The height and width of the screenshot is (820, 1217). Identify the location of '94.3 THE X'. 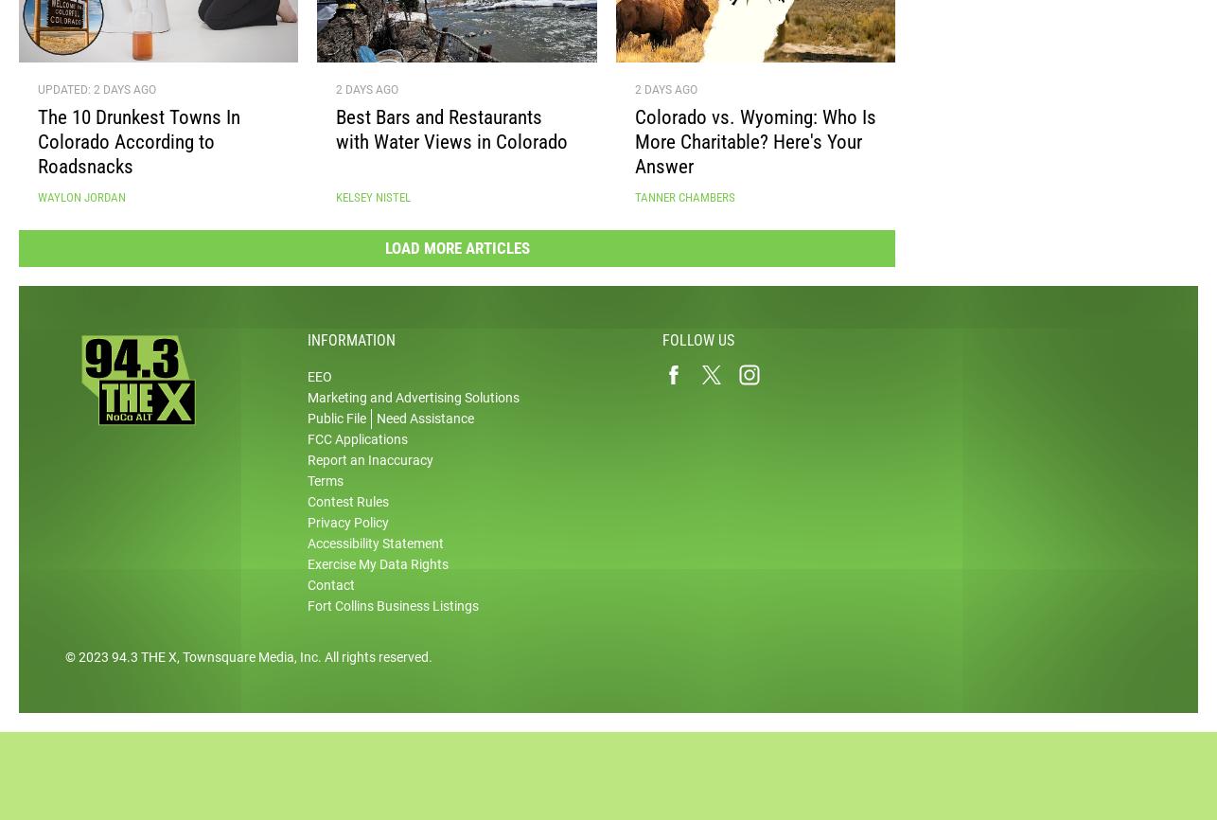
(144, 663).